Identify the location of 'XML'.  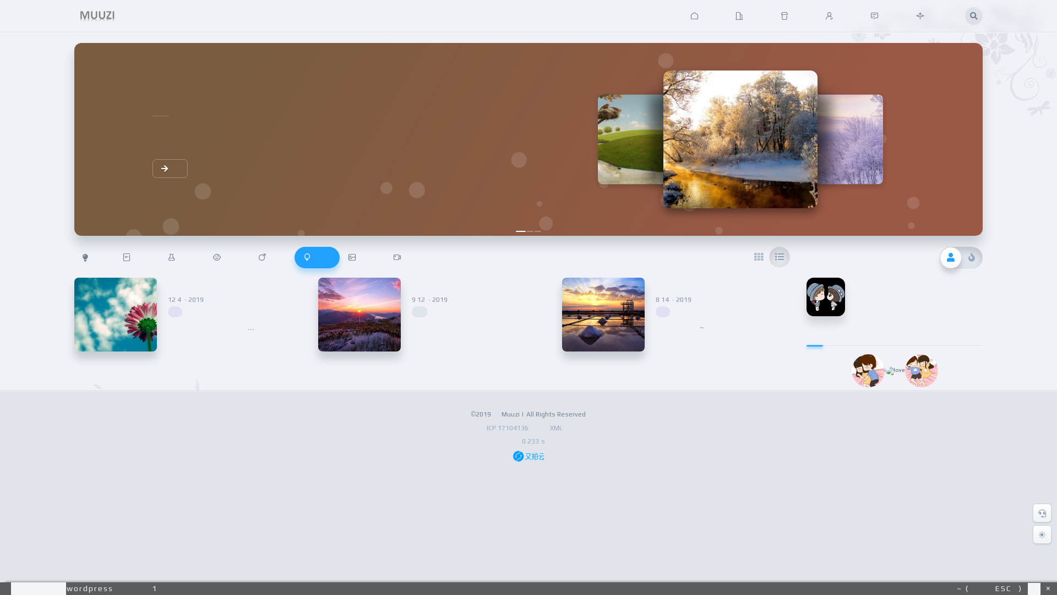
(555, 427).